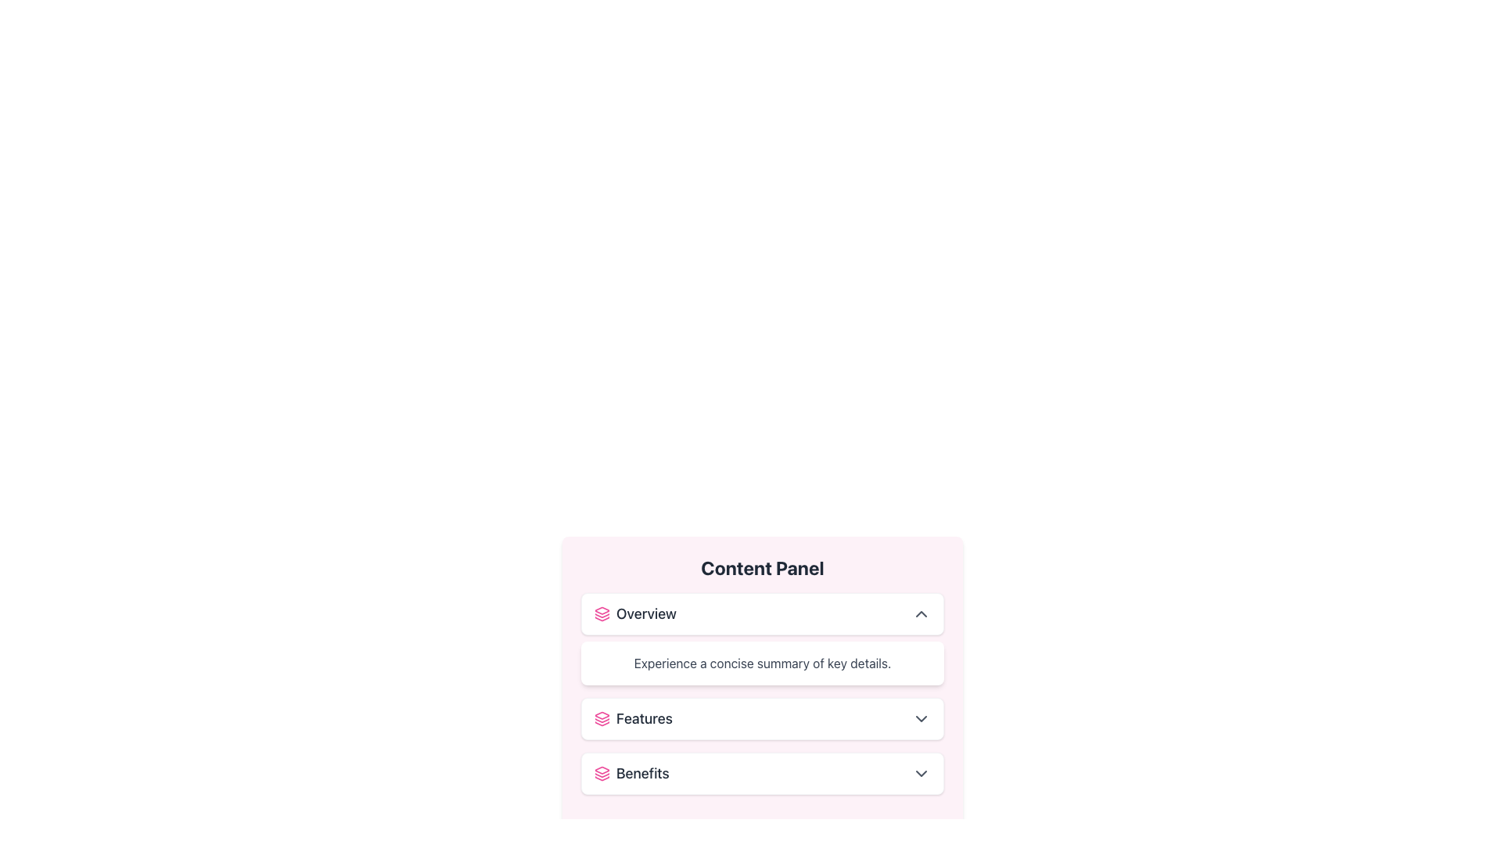 The image size is (1502, 845). I want to click on the third button in the vertical list within the pink-bordered 'Content Panel', so click(762, 772).